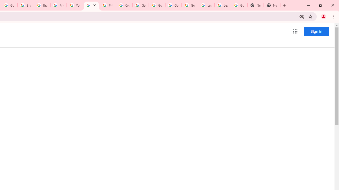 The width and height of the screenshot is (339, 190). What do you see at coordinates (295, 31) in the screenshot?
I see `'Google apps'` at bounding box center [295, 31].